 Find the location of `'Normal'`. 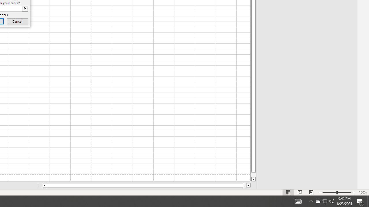

'Normal' is located at coordinates (288, 192).